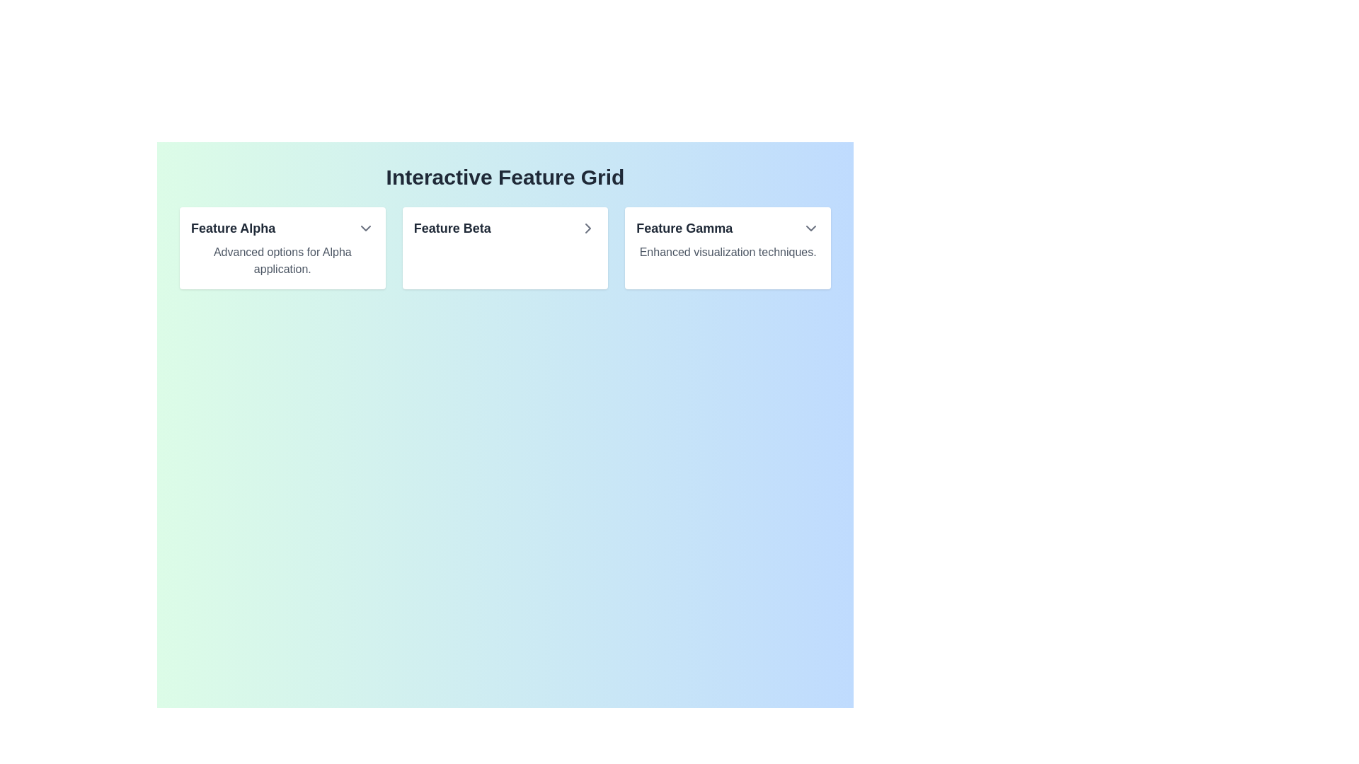 The height and width of the screenshot is (764, 1359). Describe the element at coordinates (588, 228) in the screenshot. I see `the right-pointing chevron icon located to the right of the 'Feature Beta' text in the Feature Beta card within the Interactive Feature Grid panel for additional information or interaction` at that location.